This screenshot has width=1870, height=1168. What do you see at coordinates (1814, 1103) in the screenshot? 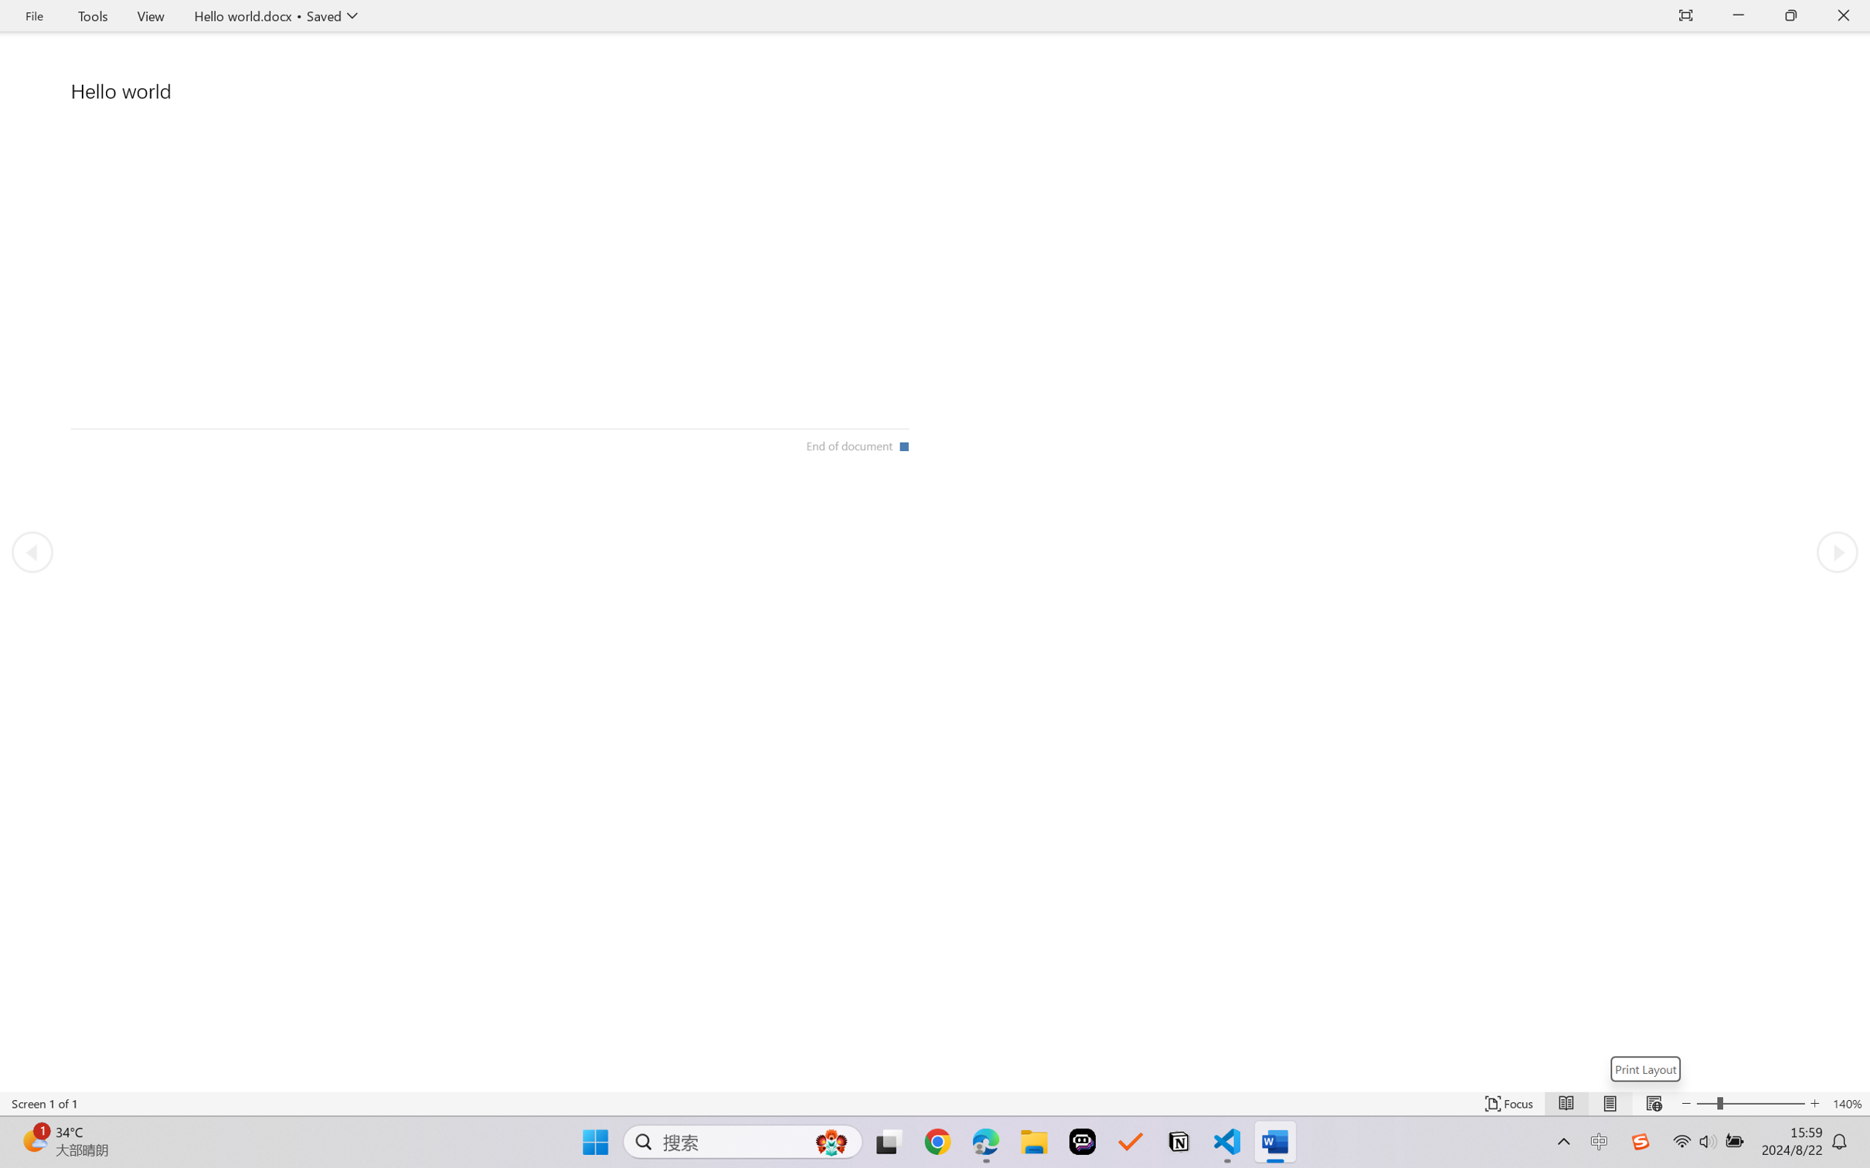
I see `'Increase Text Size'` at bounding box center [1814, 1103].